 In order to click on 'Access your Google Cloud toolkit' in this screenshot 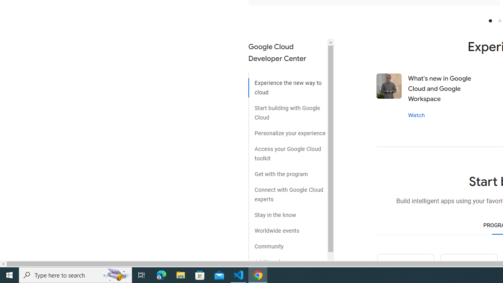, I will do `click(287, 151)`.